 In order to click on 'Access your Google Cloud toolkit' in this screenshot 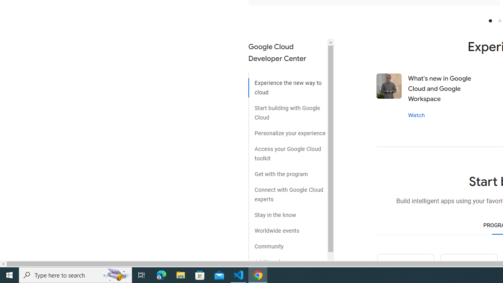, I will do `click(287, 151)`.